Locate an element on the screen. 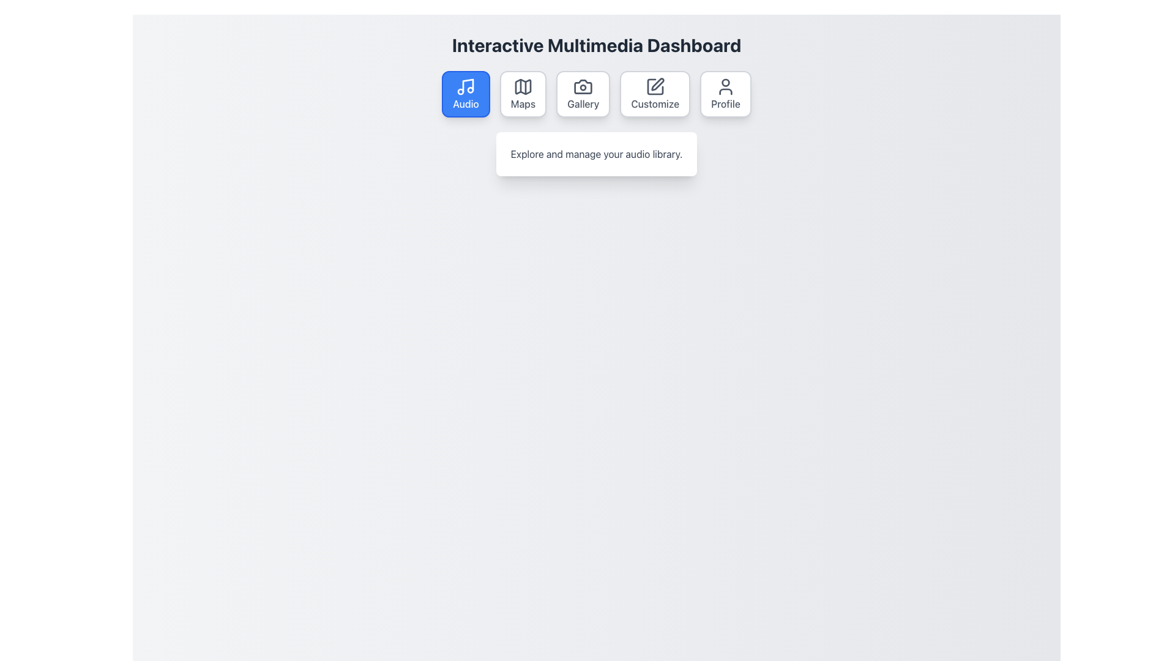 This screenshot has height=661, width=1175. the textual heading 'Interactive Multimedia Dashboard', which is prominently displayed at the top of the interface in bold, large, dark gray font is located at coordinates (596, 44).